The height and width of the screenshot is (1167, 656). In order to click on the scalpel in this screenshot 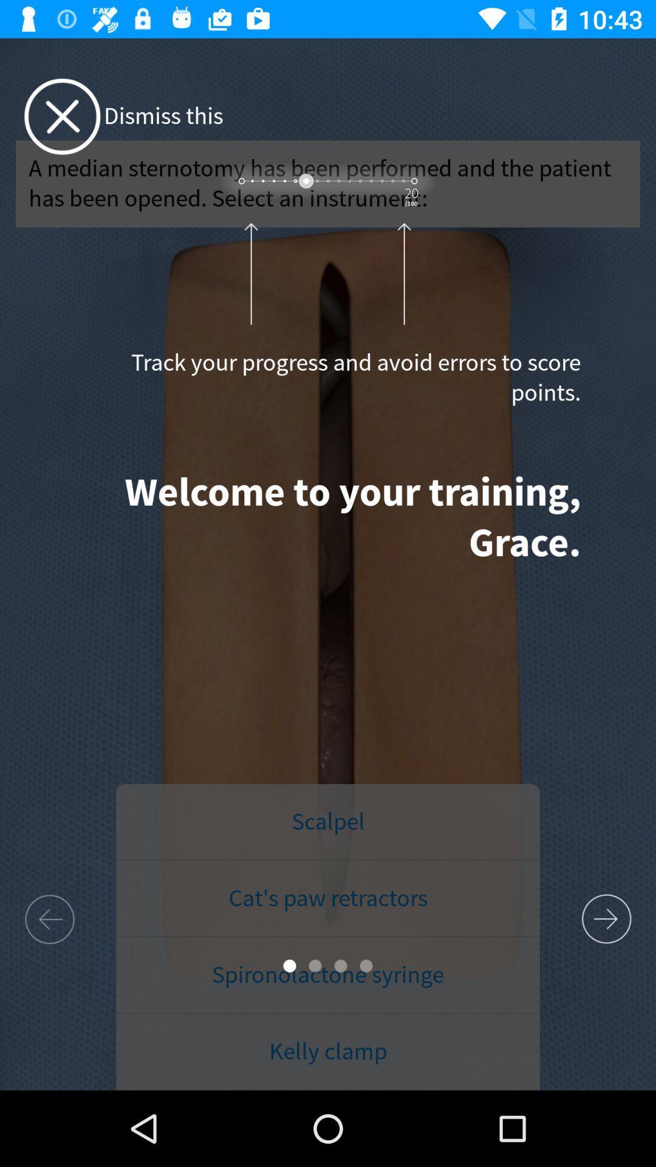, I will do `click(328, 822)`.